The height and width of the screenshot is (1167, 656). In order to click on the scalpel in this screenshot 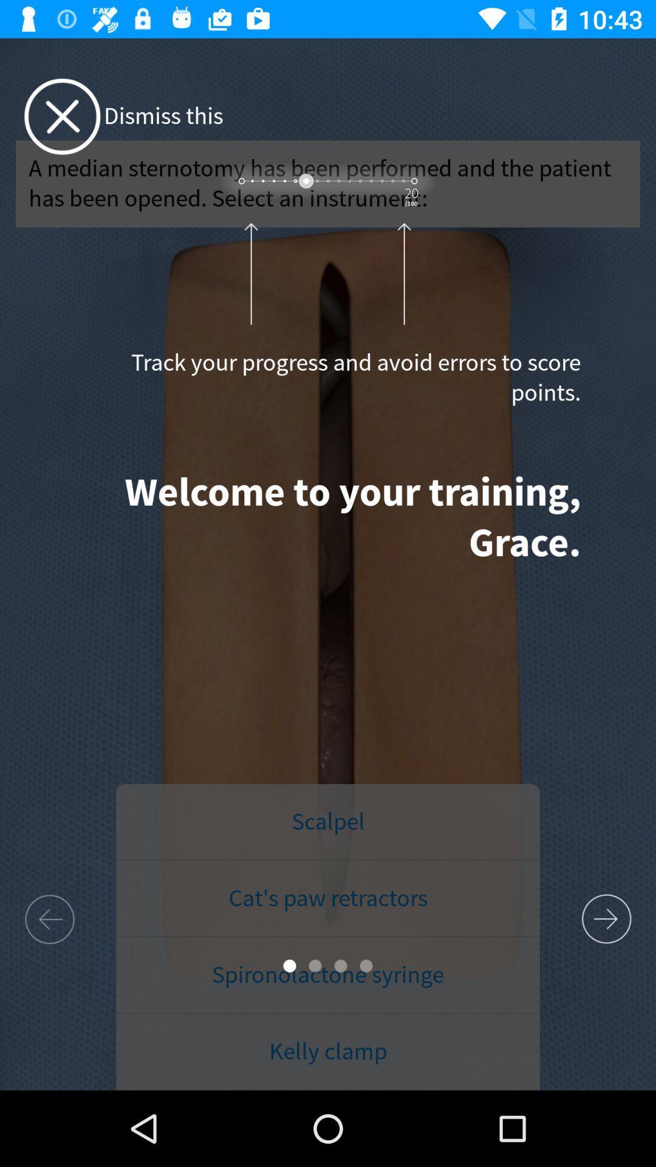, I will do `click(328, 822)`.